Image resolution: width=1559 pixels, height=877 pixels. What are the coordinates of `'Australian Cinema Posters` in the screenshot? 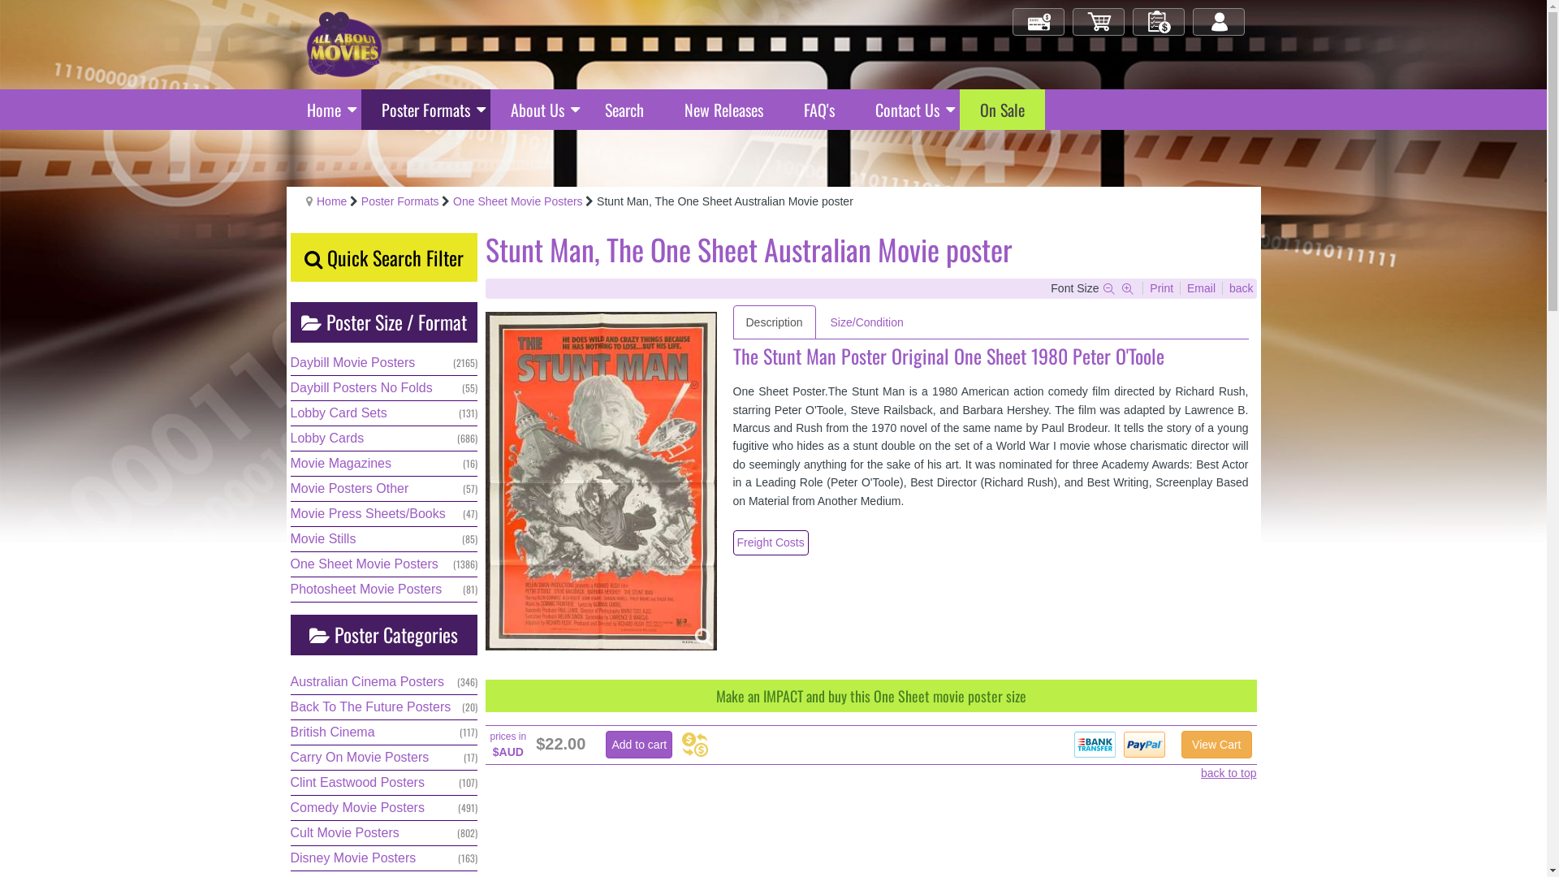 It's located at (383, 682).